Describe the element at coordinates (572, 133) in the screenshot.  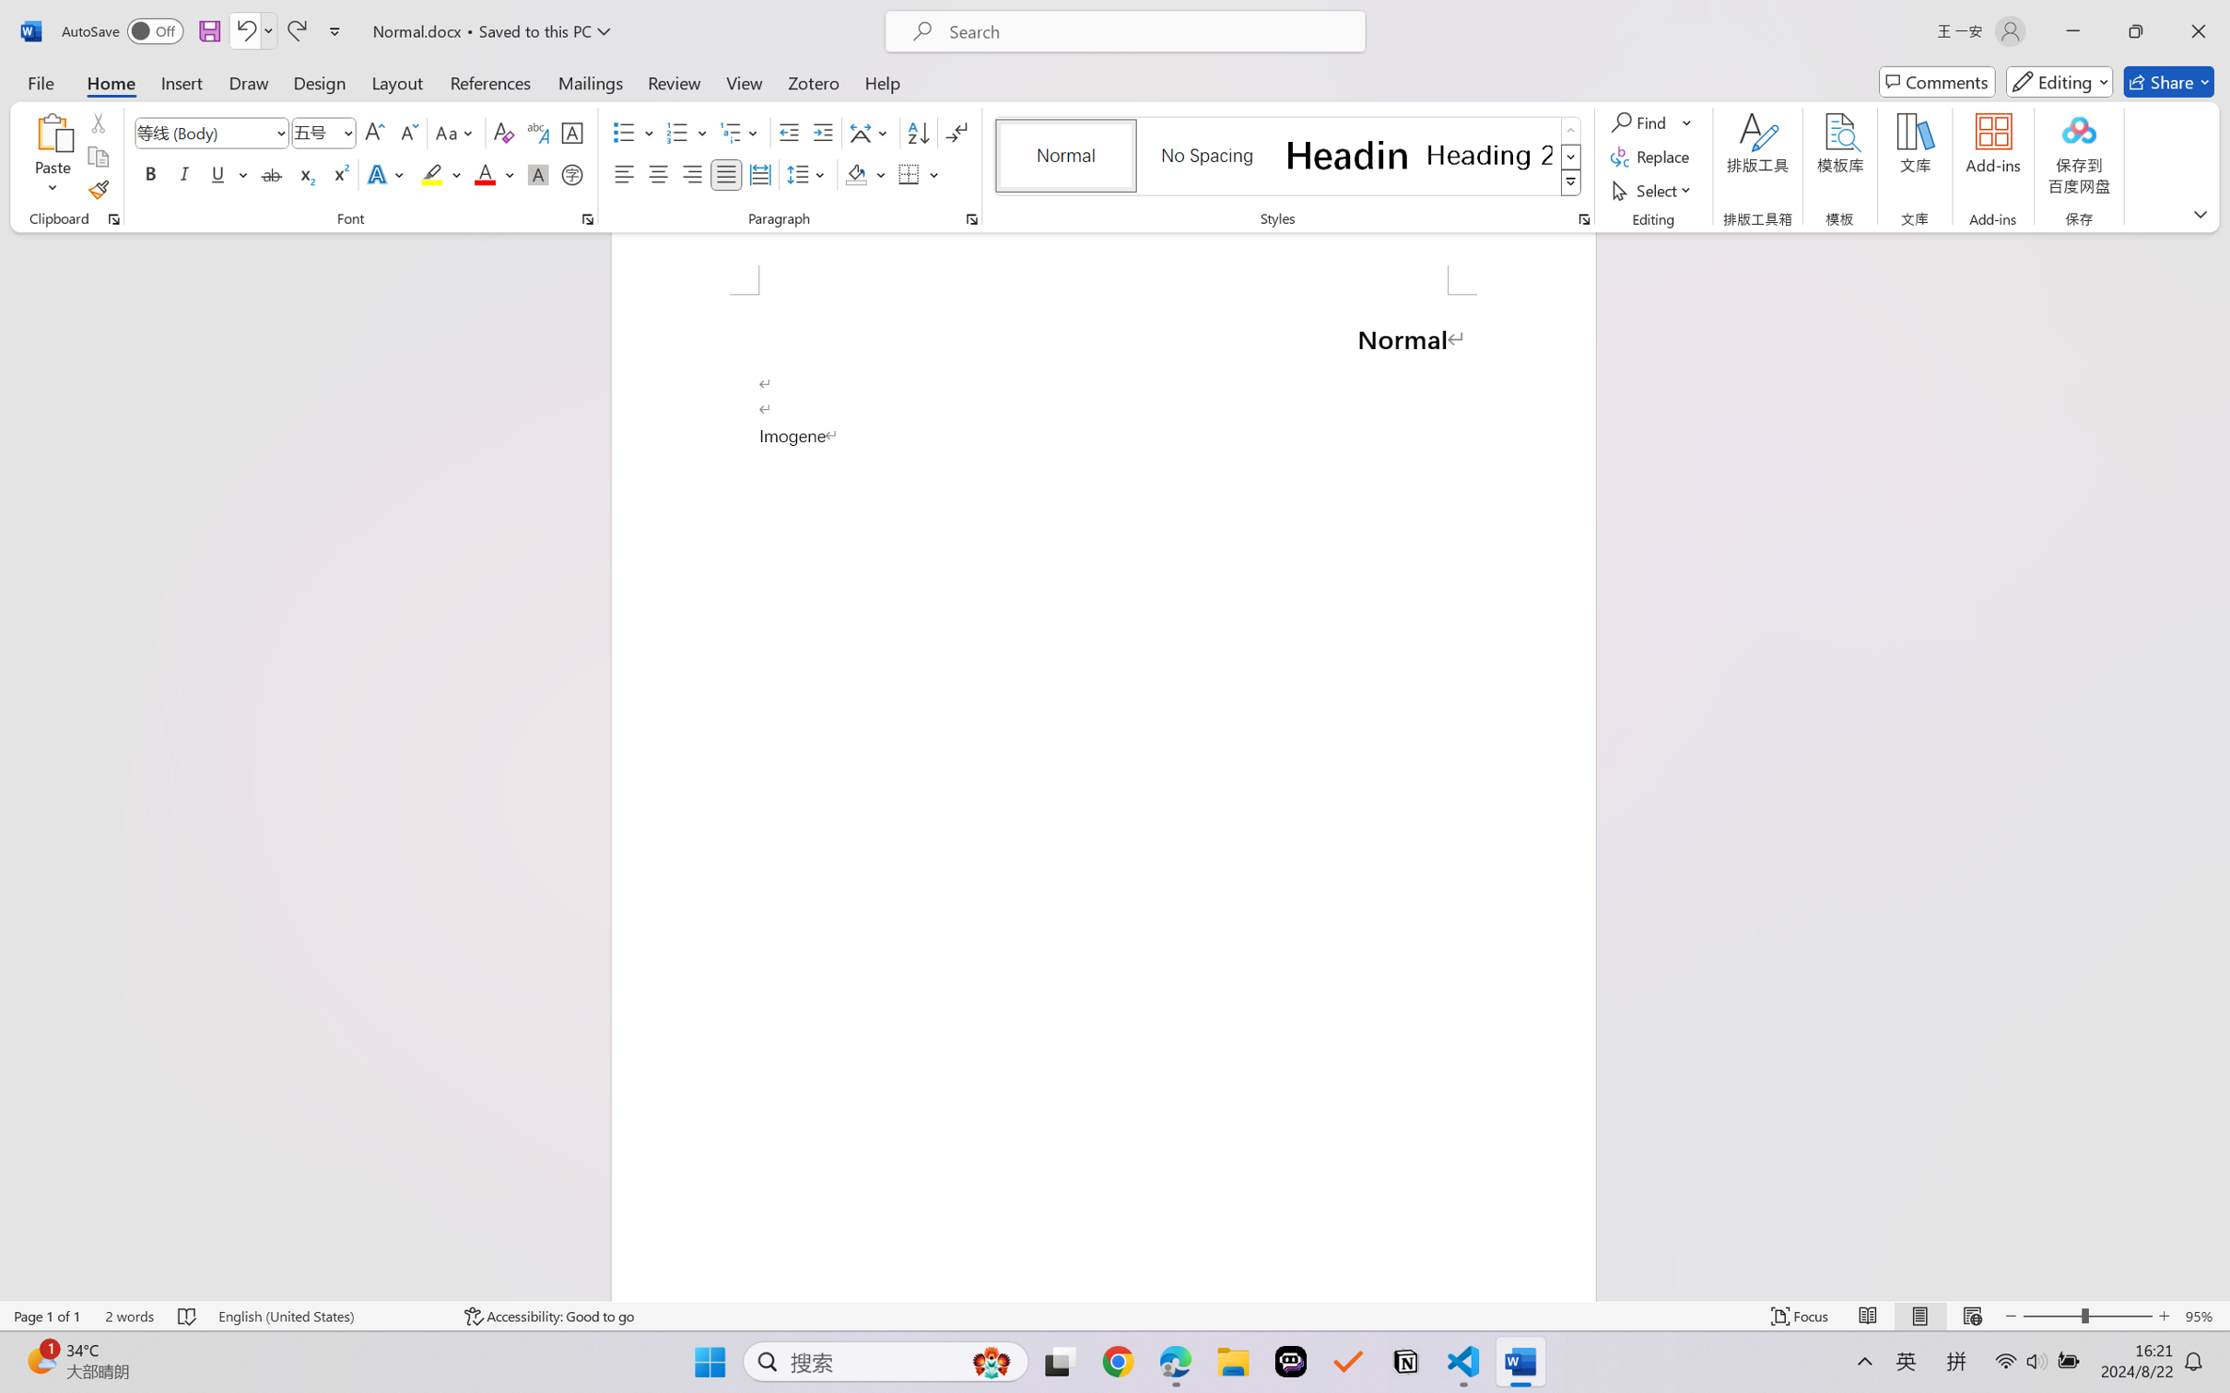
I see `'Character Border'` at that location.